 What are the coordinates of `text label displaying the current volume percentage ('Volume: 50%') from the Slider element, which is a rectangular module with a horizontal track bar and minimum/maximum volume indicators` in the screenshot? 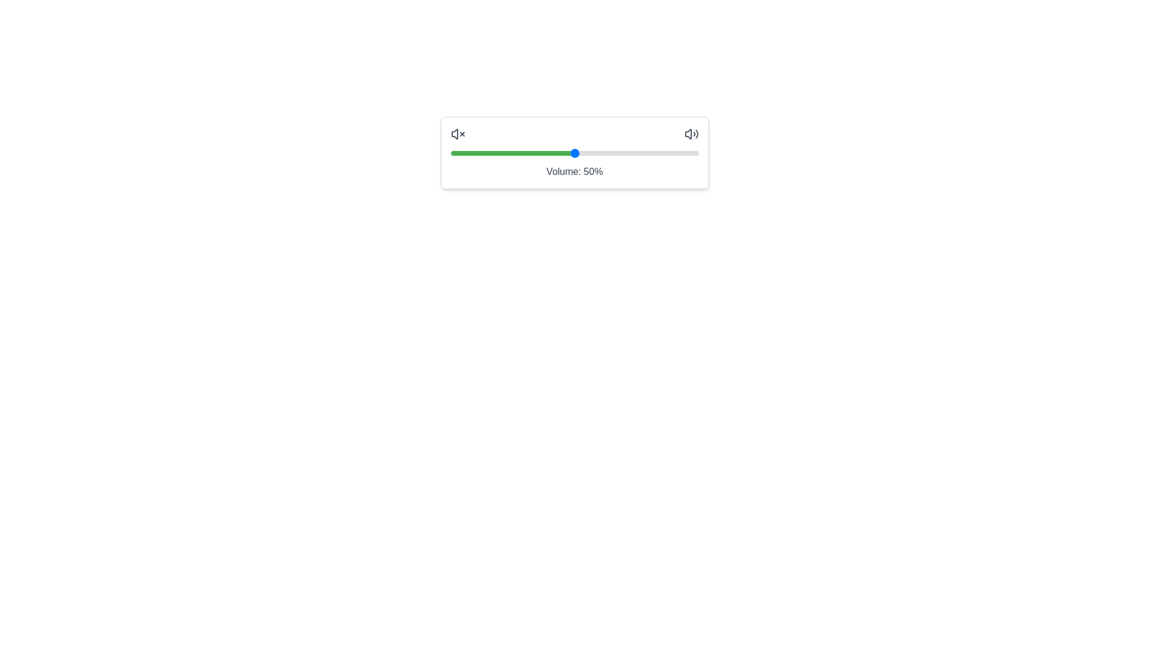 It's located at (574, 152).